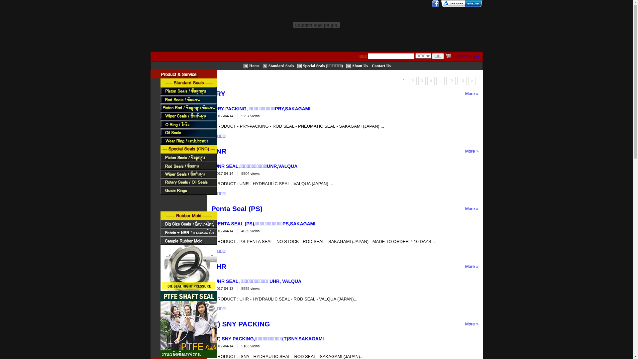 Image resolution: width=638 pixels, height=359 pixels. I want to click on 'PRY', so click(218, 93).